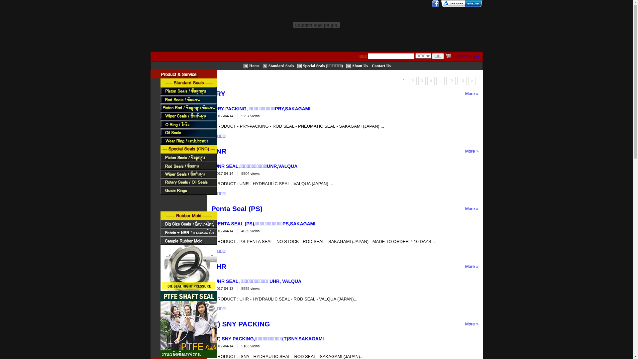 Image resolution: width=638 pixels, height=359 pixels. I want to click on 'PRY', so click(218, 93).